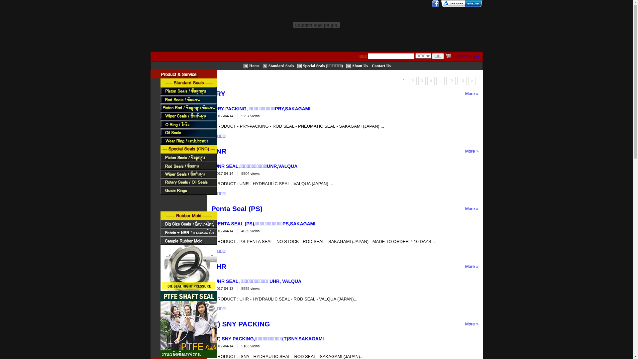 Image resolution: width=638 pixels, height=359 pixels. I want to click on 'PRY', so click(218, 93).